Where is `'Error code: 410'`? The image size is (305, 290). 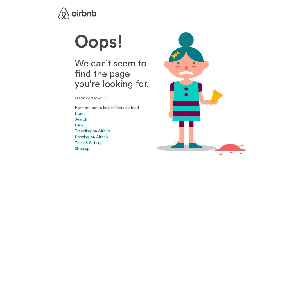 'Error code: 410' is located at coordinates (90, 98).